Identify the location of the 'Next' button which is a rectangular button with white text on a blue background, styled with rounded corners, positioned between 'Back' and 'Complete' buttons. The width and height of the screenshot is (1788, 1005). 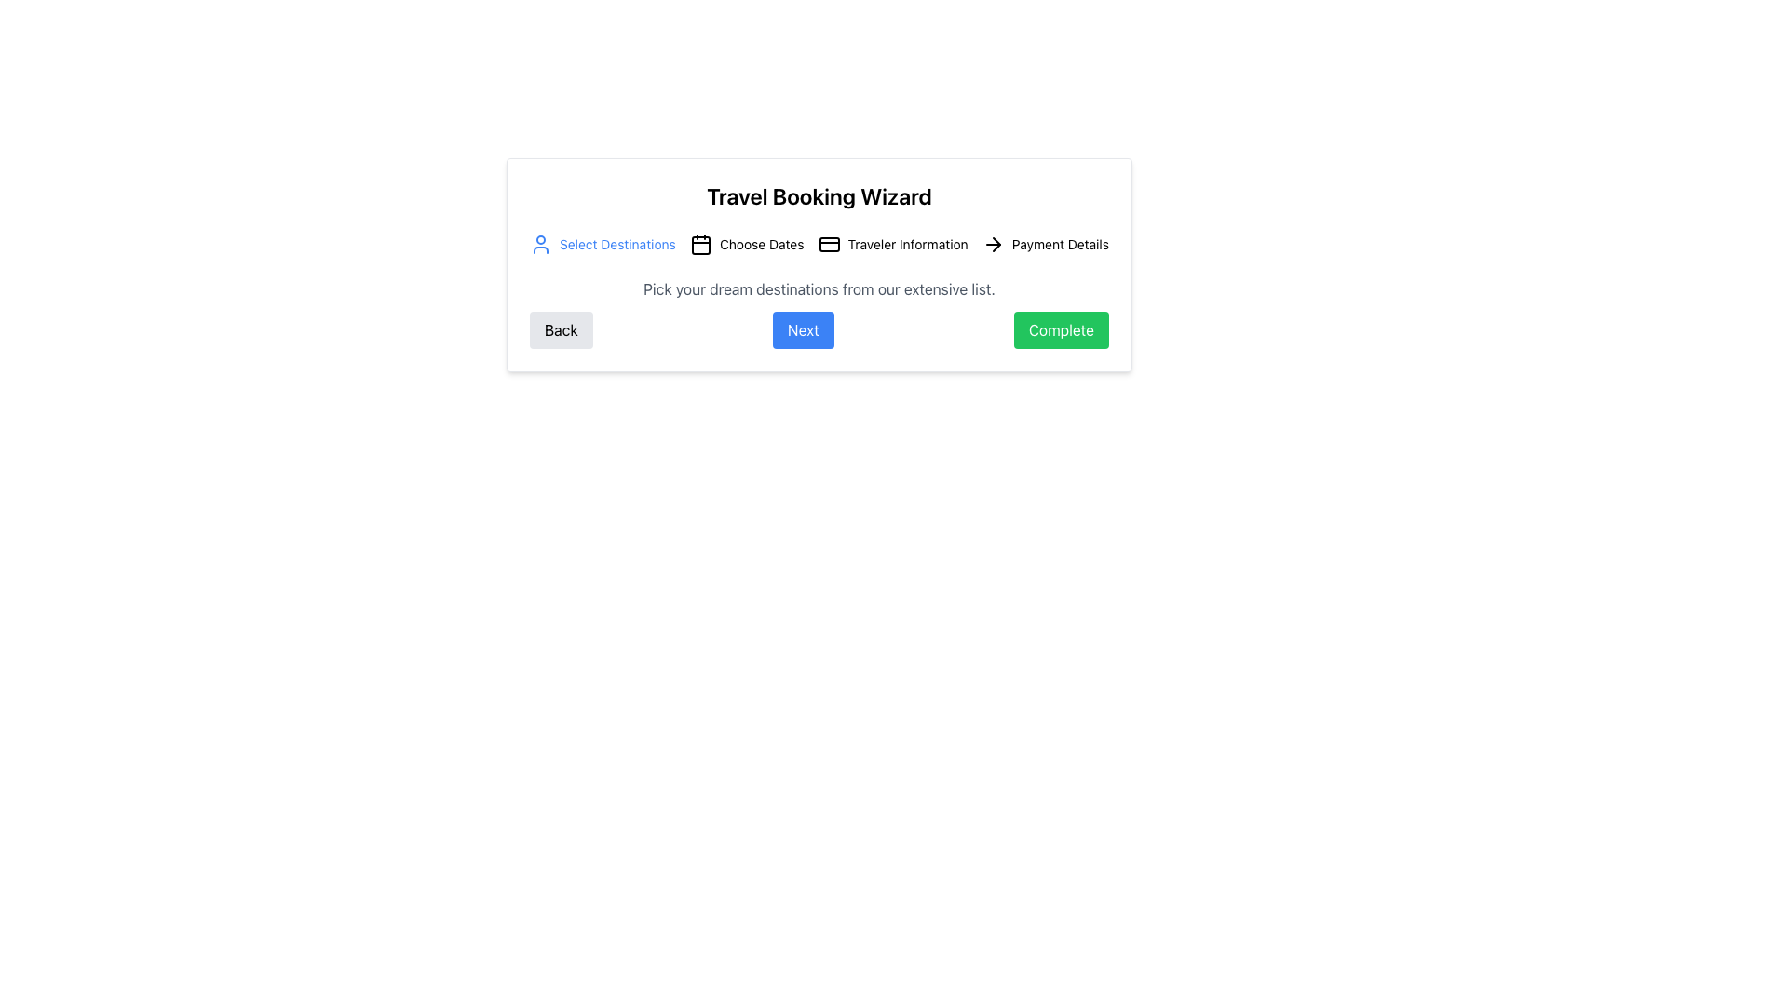
(819, 328).